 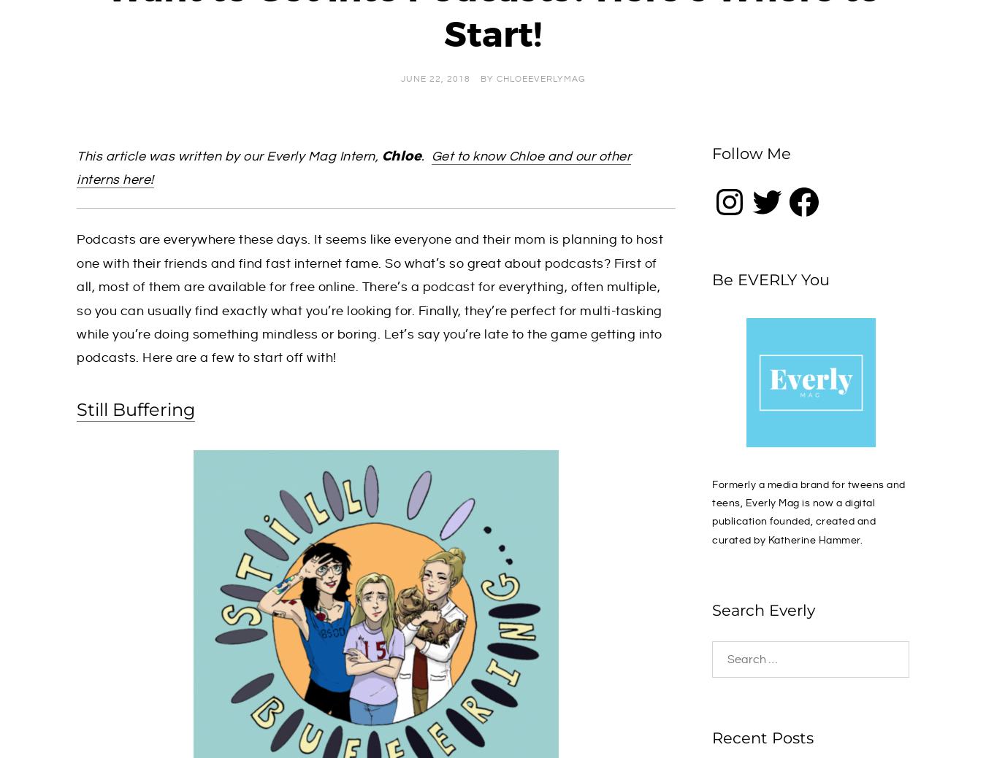 I want to click on 'Still Buffering', so click(x=136, y=409).